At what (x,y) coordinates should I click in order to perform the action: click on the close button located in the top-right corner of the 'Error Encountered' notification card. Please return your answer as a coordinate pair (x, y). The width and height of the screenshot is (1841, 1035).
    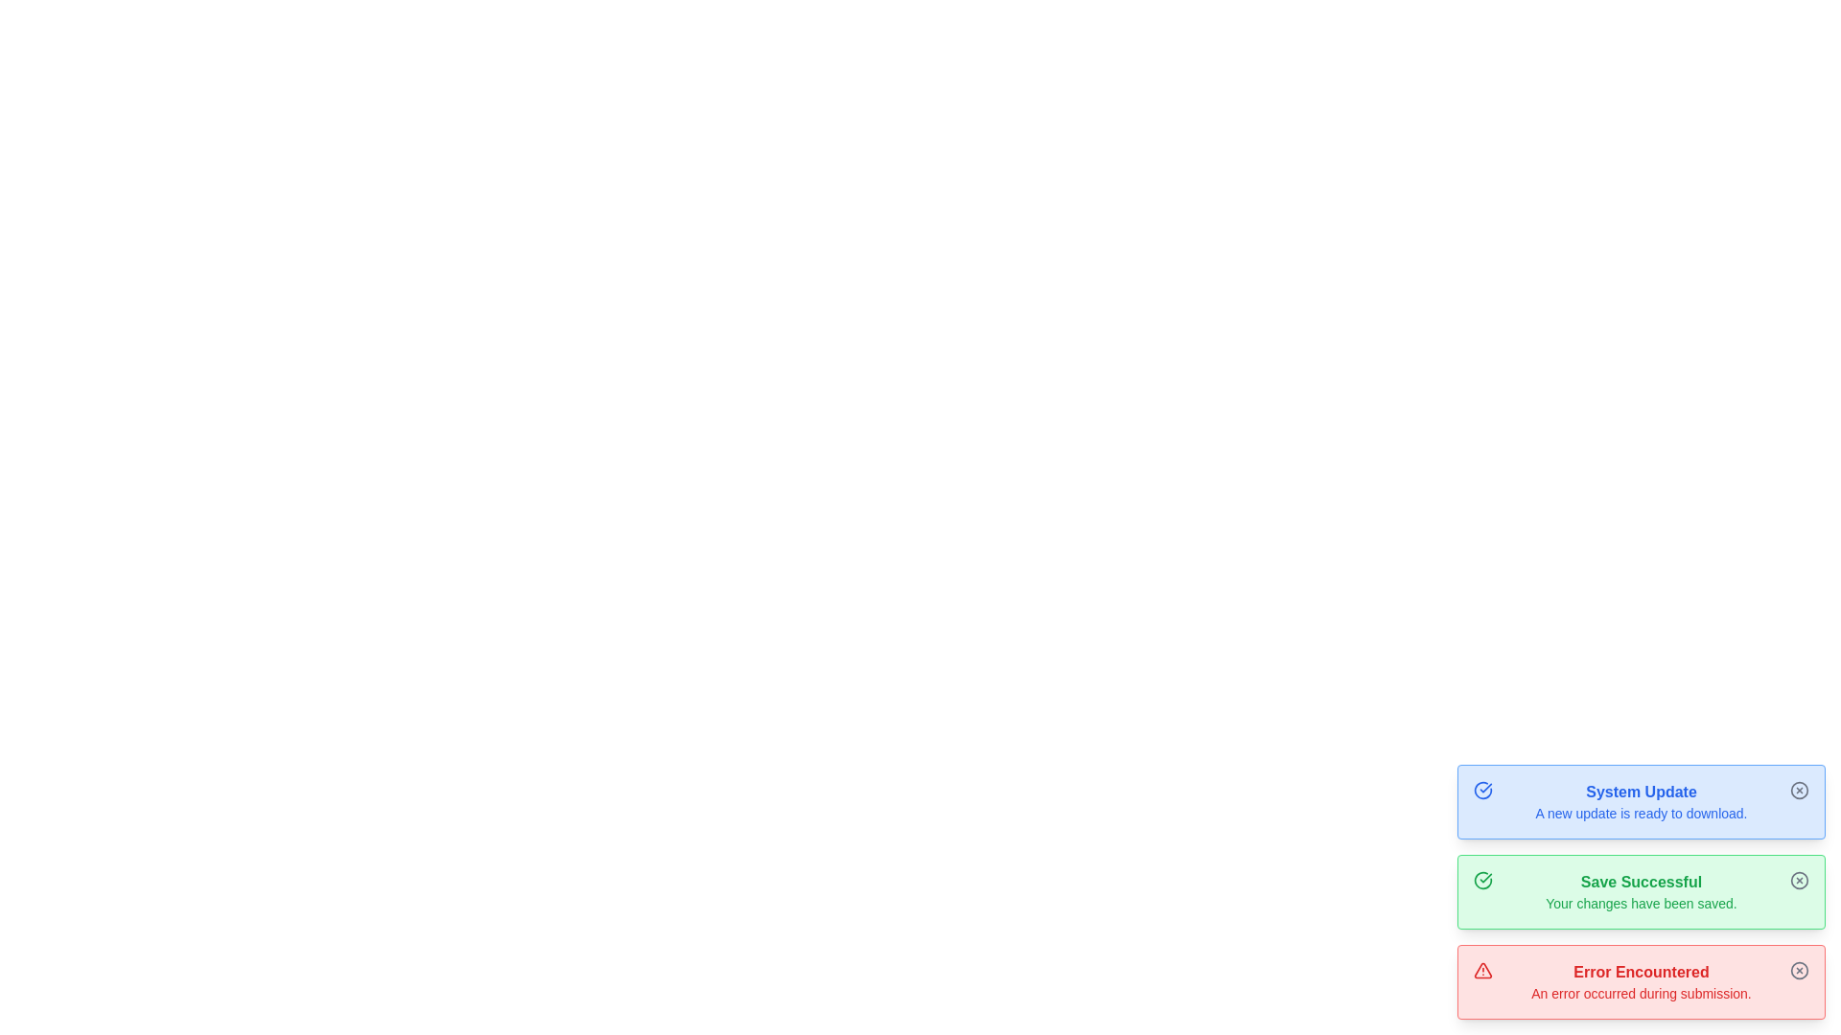
    Looking at the image, I should click on (1798, 971).